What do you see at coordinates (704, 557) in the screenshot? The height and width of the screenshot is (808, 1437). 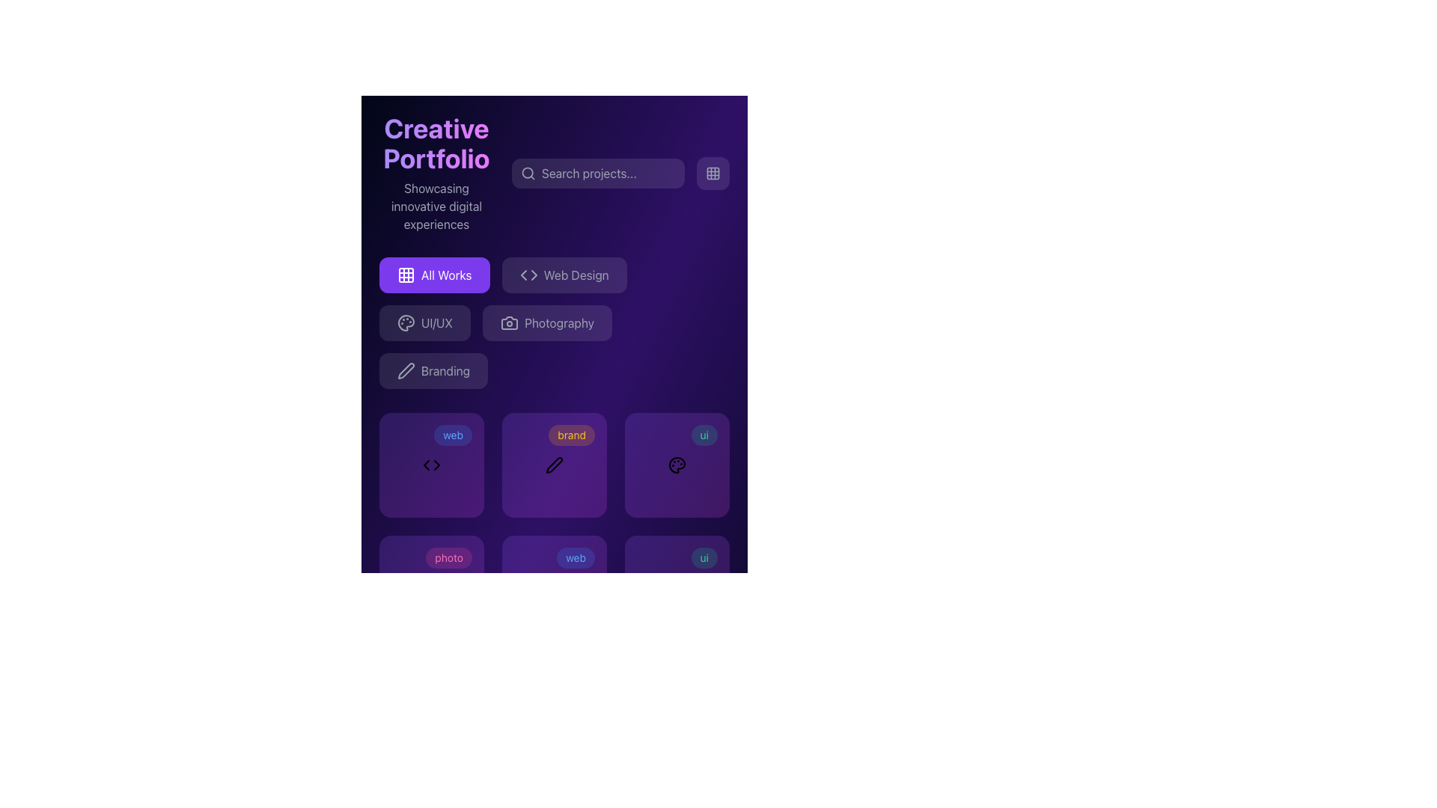 I see `the content of the small text badge displaying 'ui' in lowercase letters, styled in light green font on a rounded dark blue background, located at the top-right corner of the purple card in the grid layout` at bounding box center [704, 557].